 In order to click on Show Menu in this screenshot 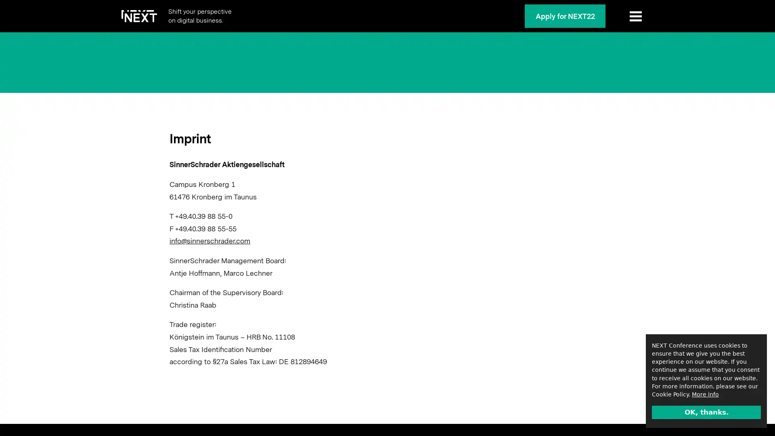, I will do `click(635, 16)`.